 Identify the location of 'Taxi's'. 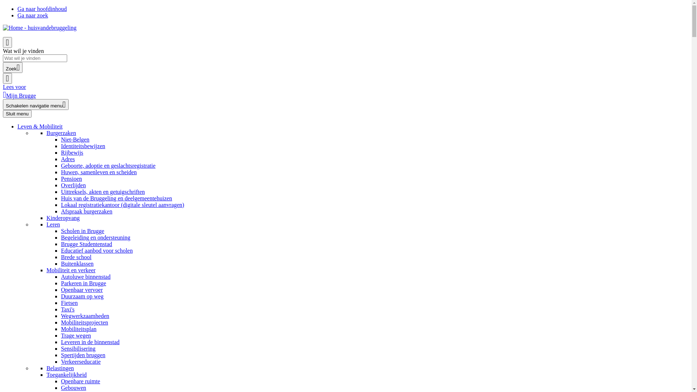
(68, 309).